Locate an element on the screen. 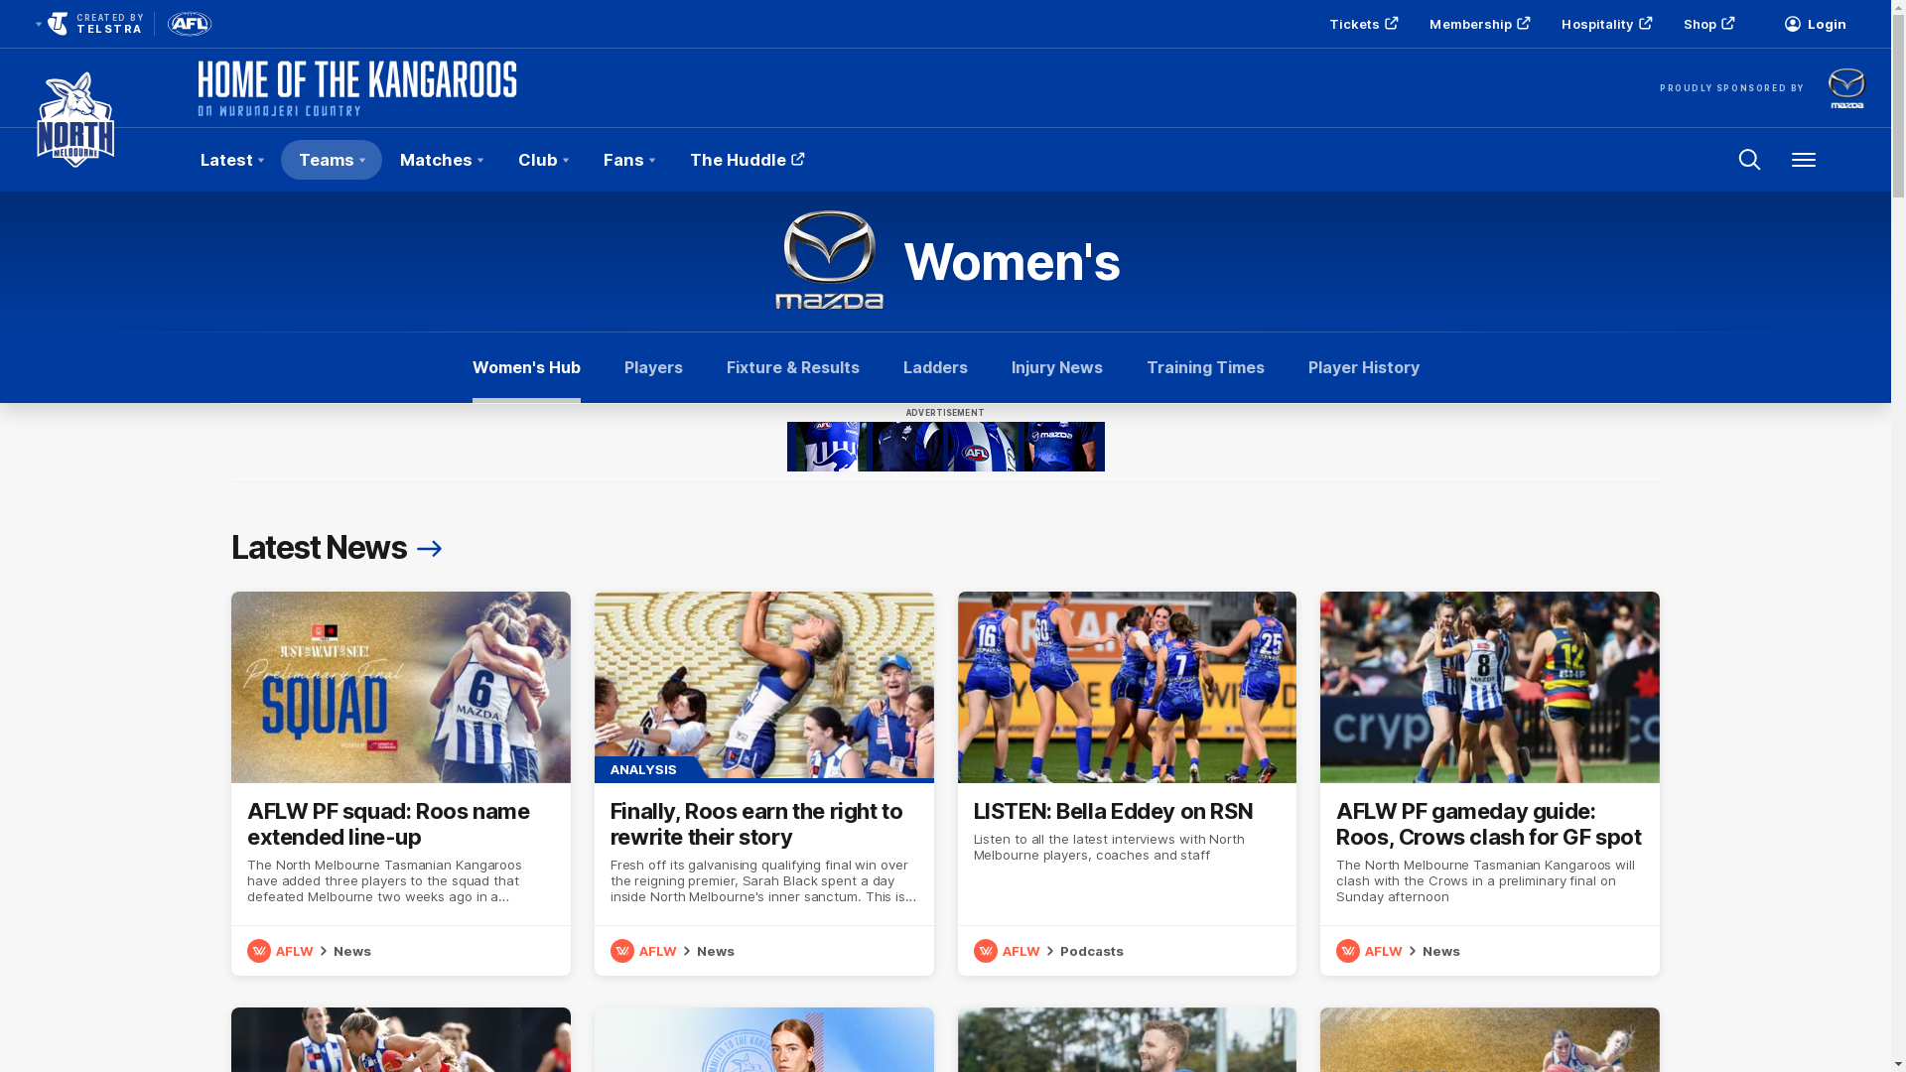 The height and width of the screenshot is (1072, 1906). 'Fixture & Results' is located at coordinates (791, 367).